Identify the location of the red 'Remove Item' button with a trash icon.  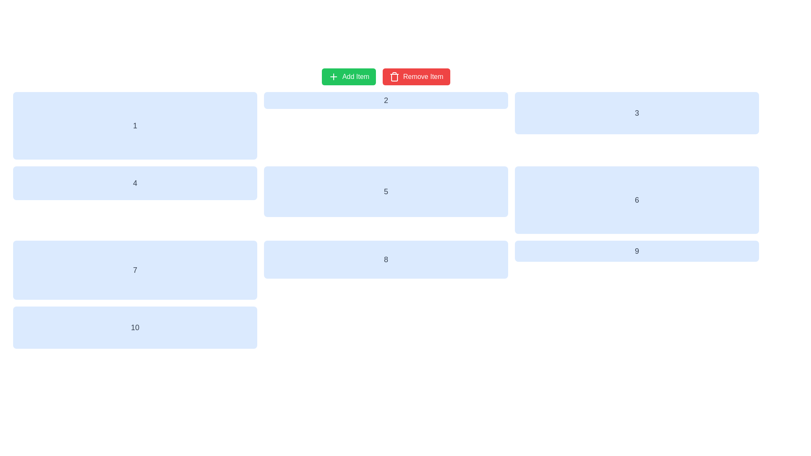
(416, 76).